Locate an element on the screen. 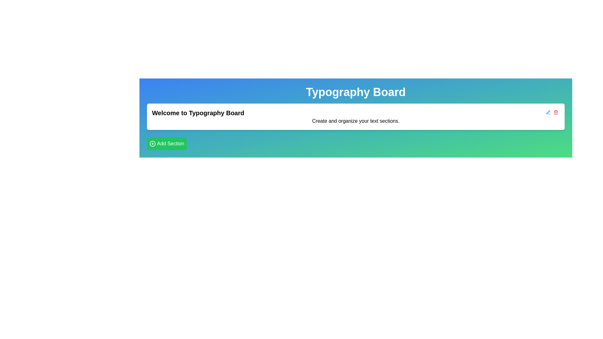 The width and height of the screenshot is (603, 339). the welcome message and brief instruction text block located below the 'Typography Board' title is located at coordinates (356, 116).